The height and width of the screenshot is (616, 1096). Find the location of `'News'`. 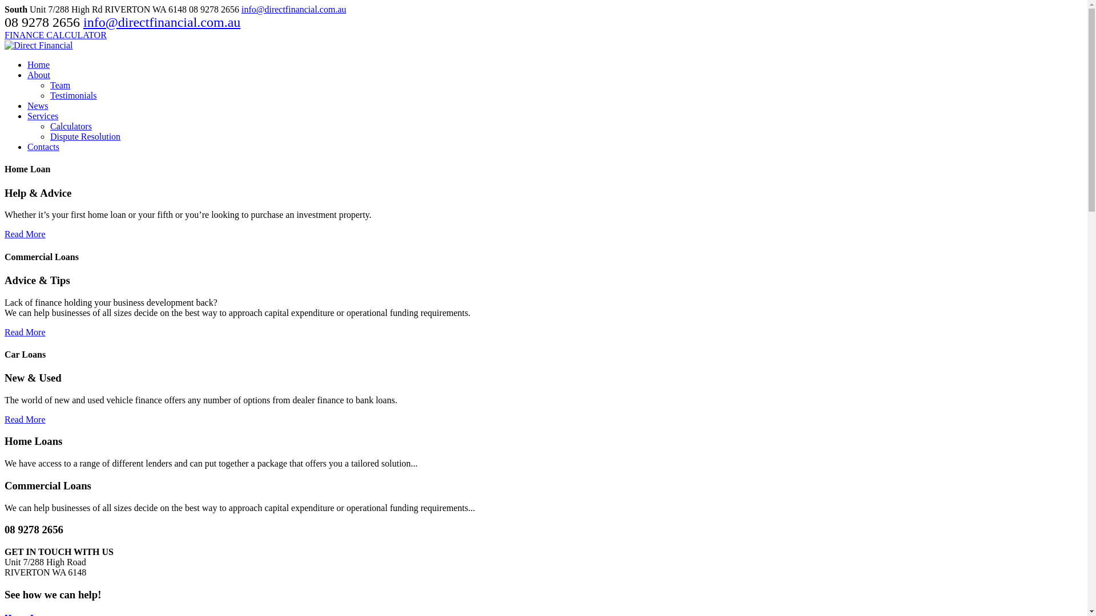

'News' is located at coordinates (38, 106).